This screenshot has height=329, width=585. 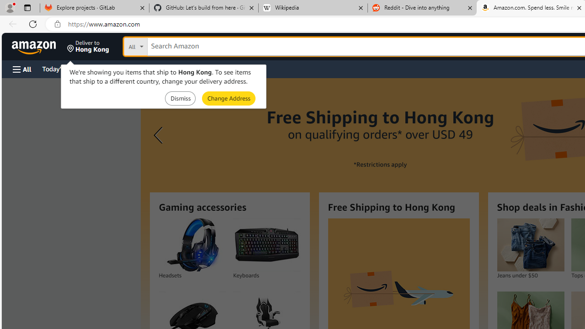 What do you see at coordinates (22, 69) in the screenshot?
I see `'Open Menu'` at bounding box center [22, 69].